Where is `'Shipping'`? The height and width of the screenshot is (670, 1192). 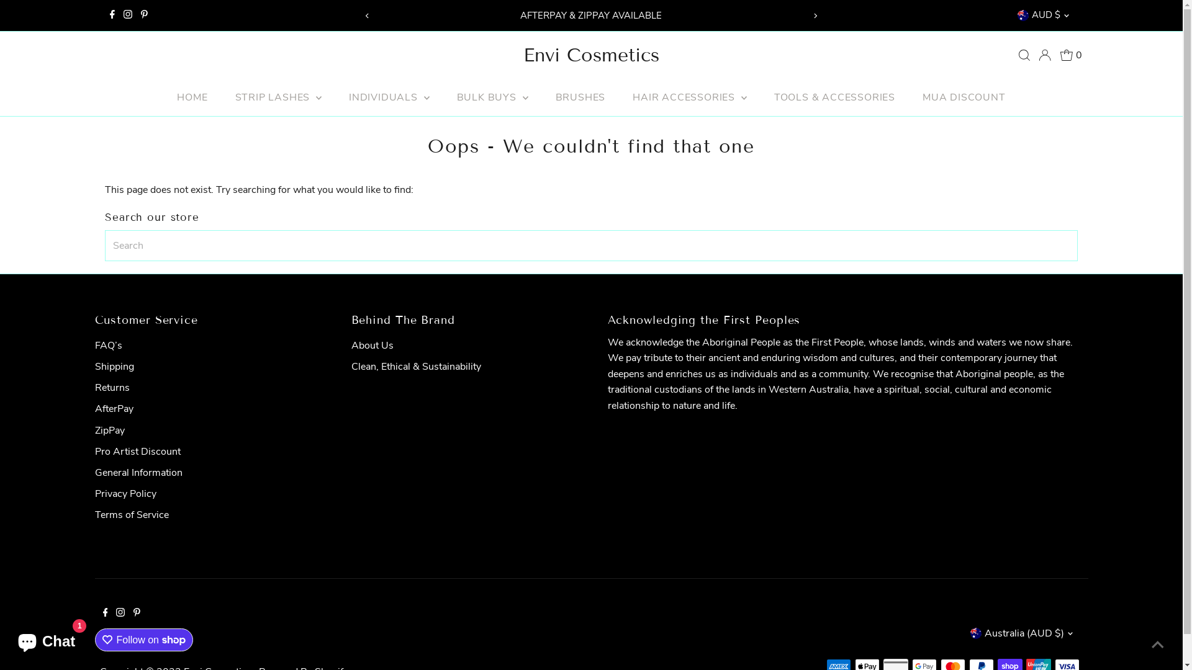
'Shipping' is located at coordinates (94, 365).